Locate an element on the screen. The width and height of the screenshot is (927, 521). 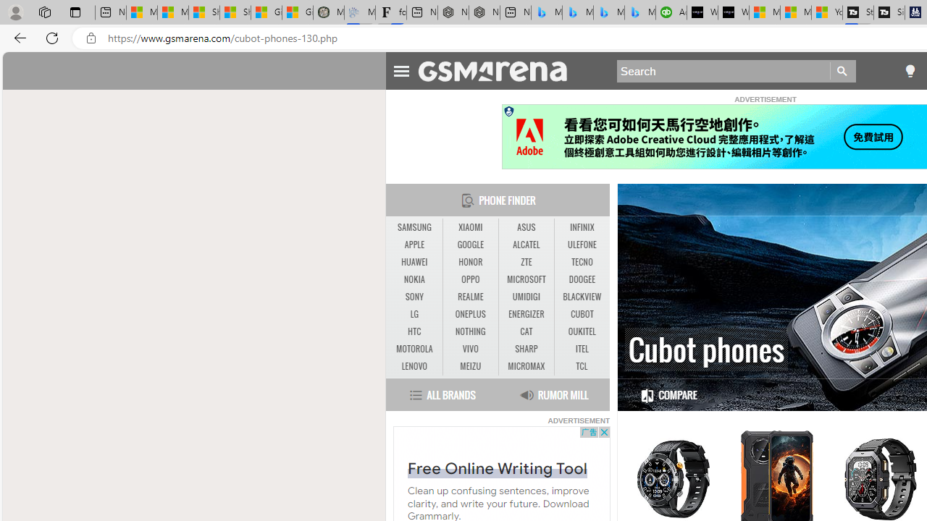
'XIAOMI' is located at coordinates (470, 227).